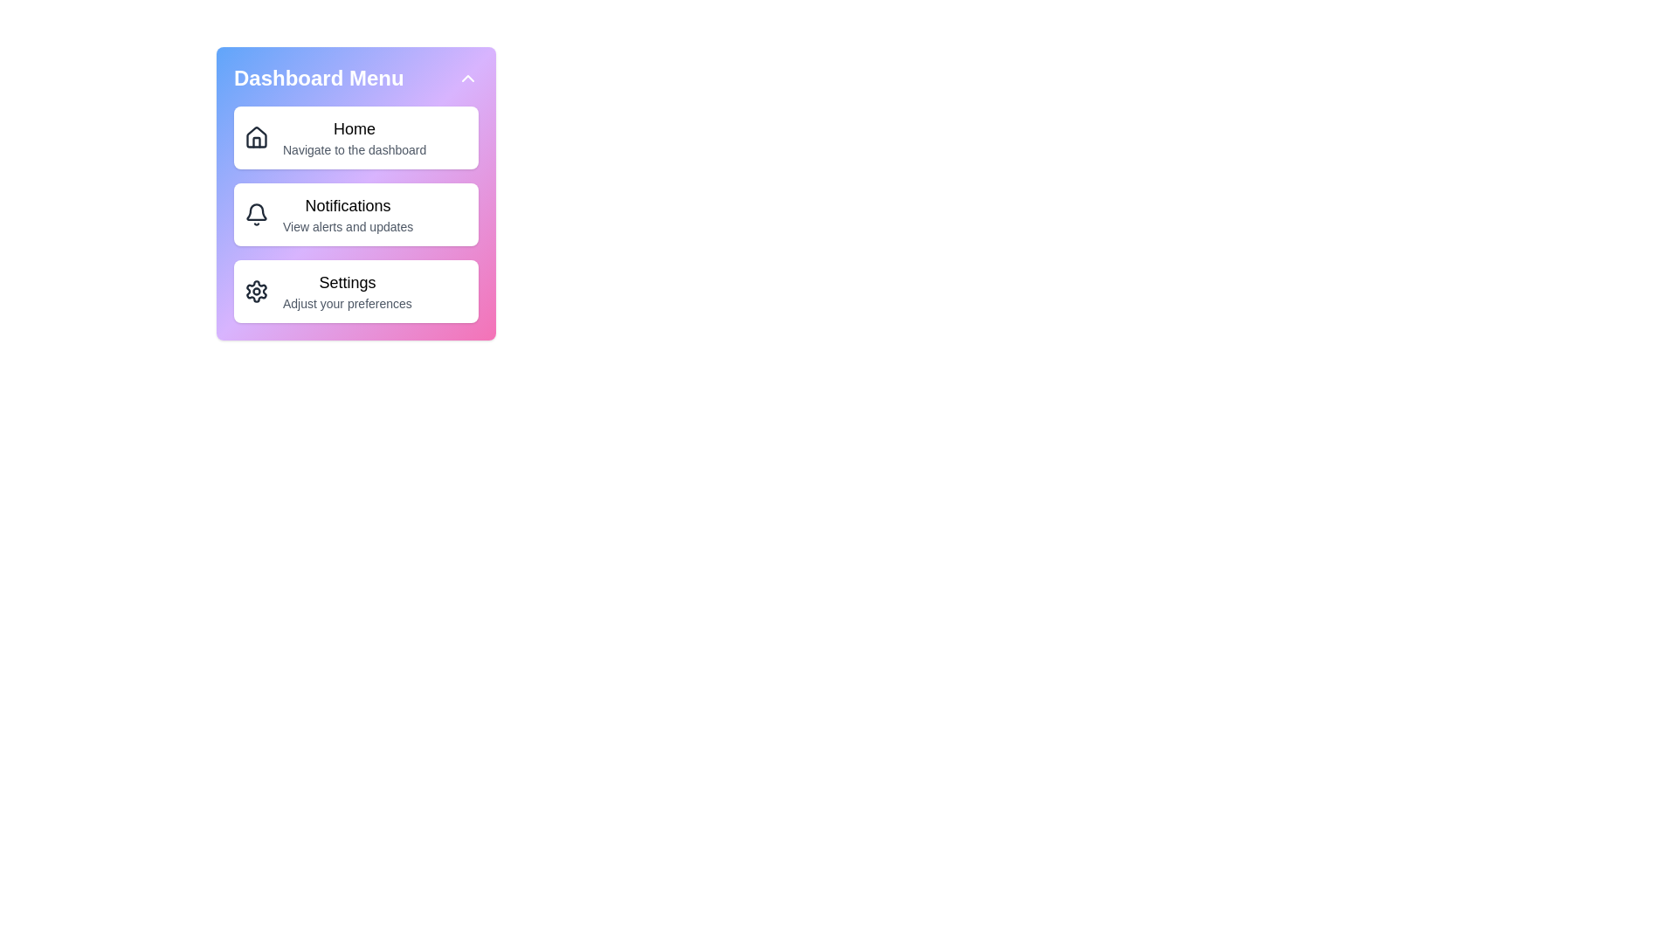 This screenshot has width=1677, height=943. What do you see at coordinates (355, 291) in the screenshot?
I see `the menu item Settings to navigate` at bounding box center [355, 291].